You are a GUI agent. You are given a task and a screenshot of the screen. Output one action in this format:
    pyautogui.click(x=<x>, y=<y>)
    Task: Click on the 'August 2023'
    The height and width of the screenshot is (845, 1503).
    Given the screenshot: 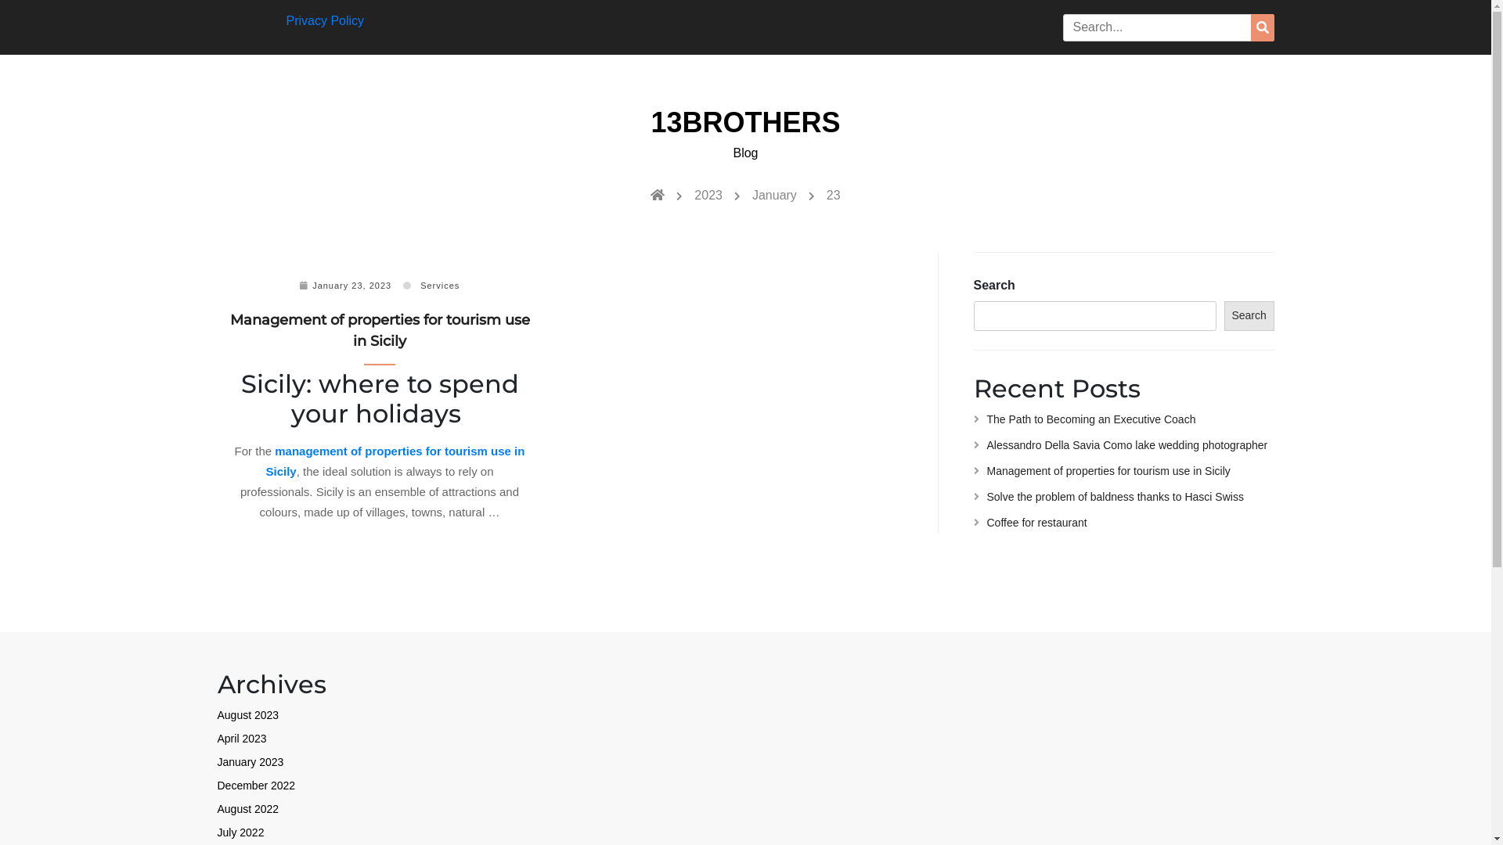 What is the action you would take?
    pyautogui.click(x=217, y=715)
    